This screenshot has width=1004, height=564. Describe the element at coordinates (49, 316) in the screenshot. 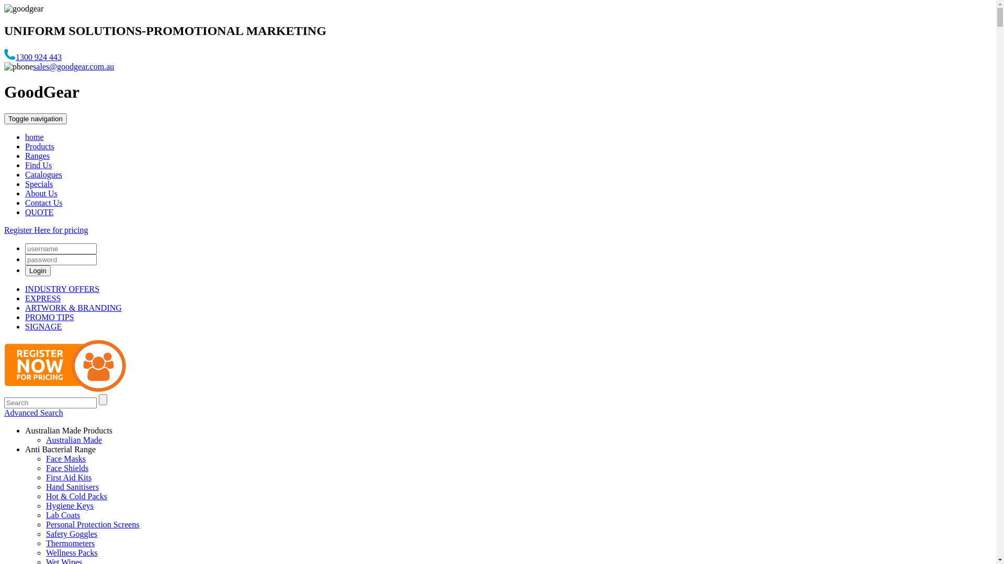

I see `'PROMO TIPS'` at that location.